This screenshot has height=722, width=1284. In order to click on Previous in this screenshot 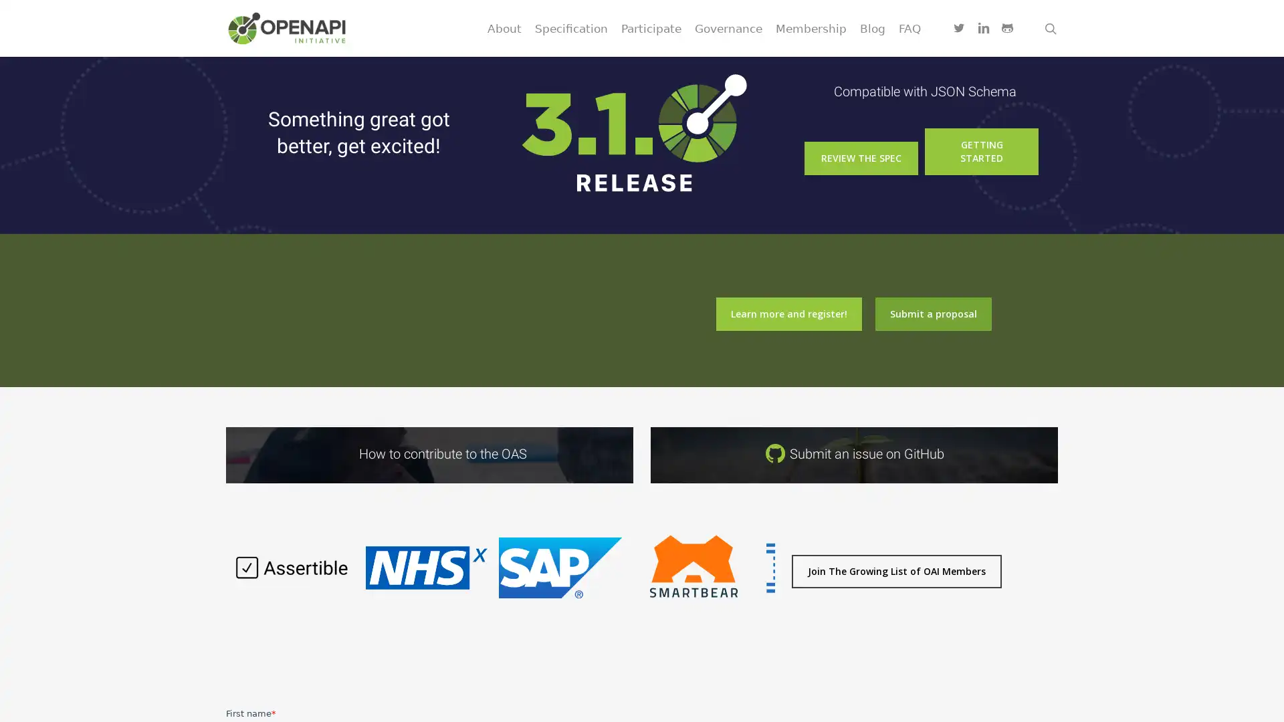, I will do `click(218, 574)`.